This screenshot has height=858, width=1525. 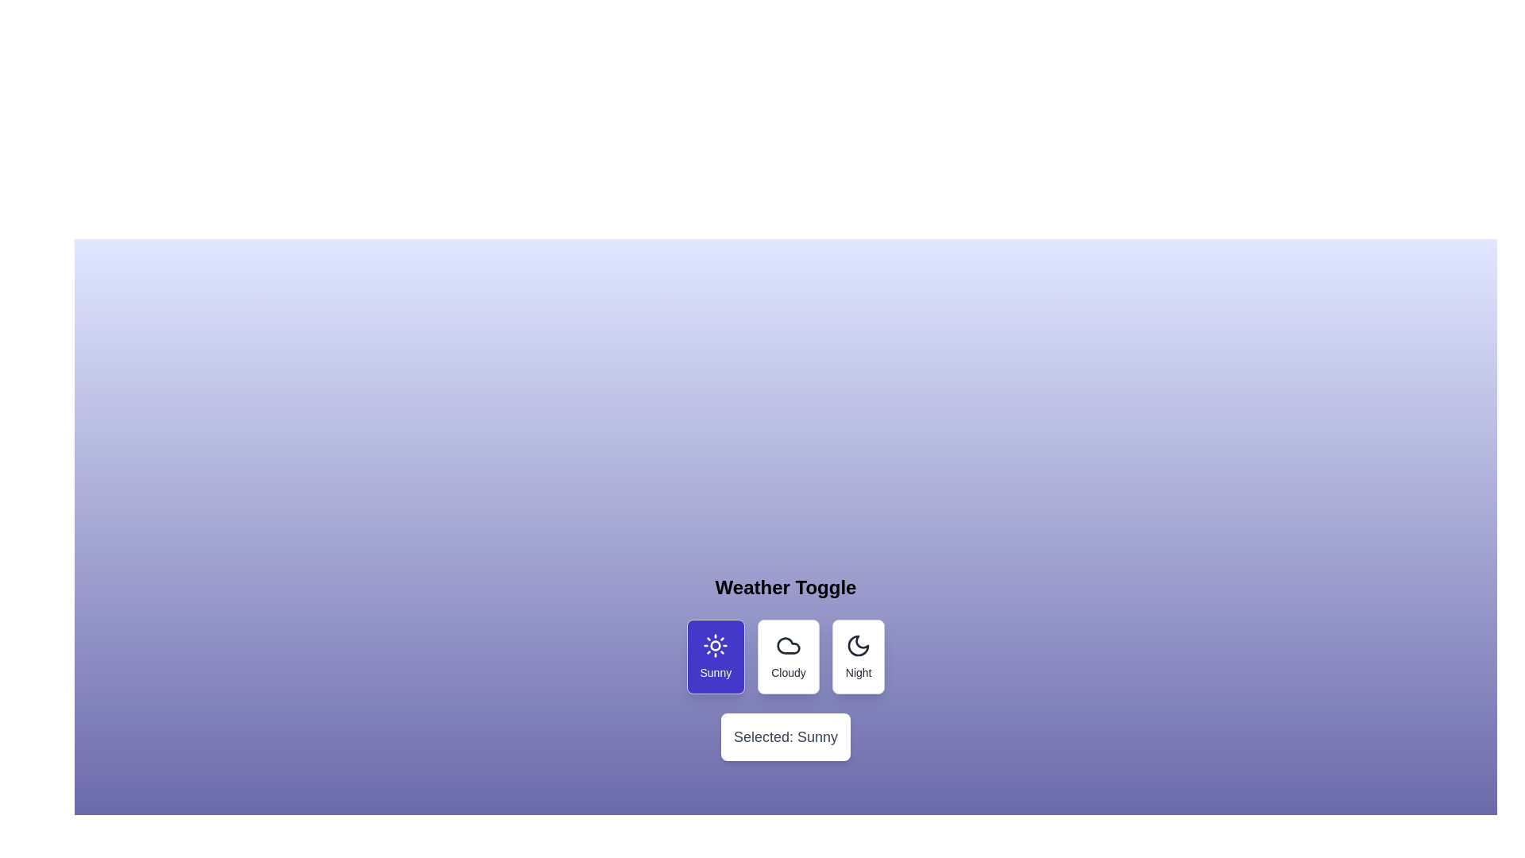 I want to click on the button corresponding to the weather option Sunny, so click(x=715, y=656).